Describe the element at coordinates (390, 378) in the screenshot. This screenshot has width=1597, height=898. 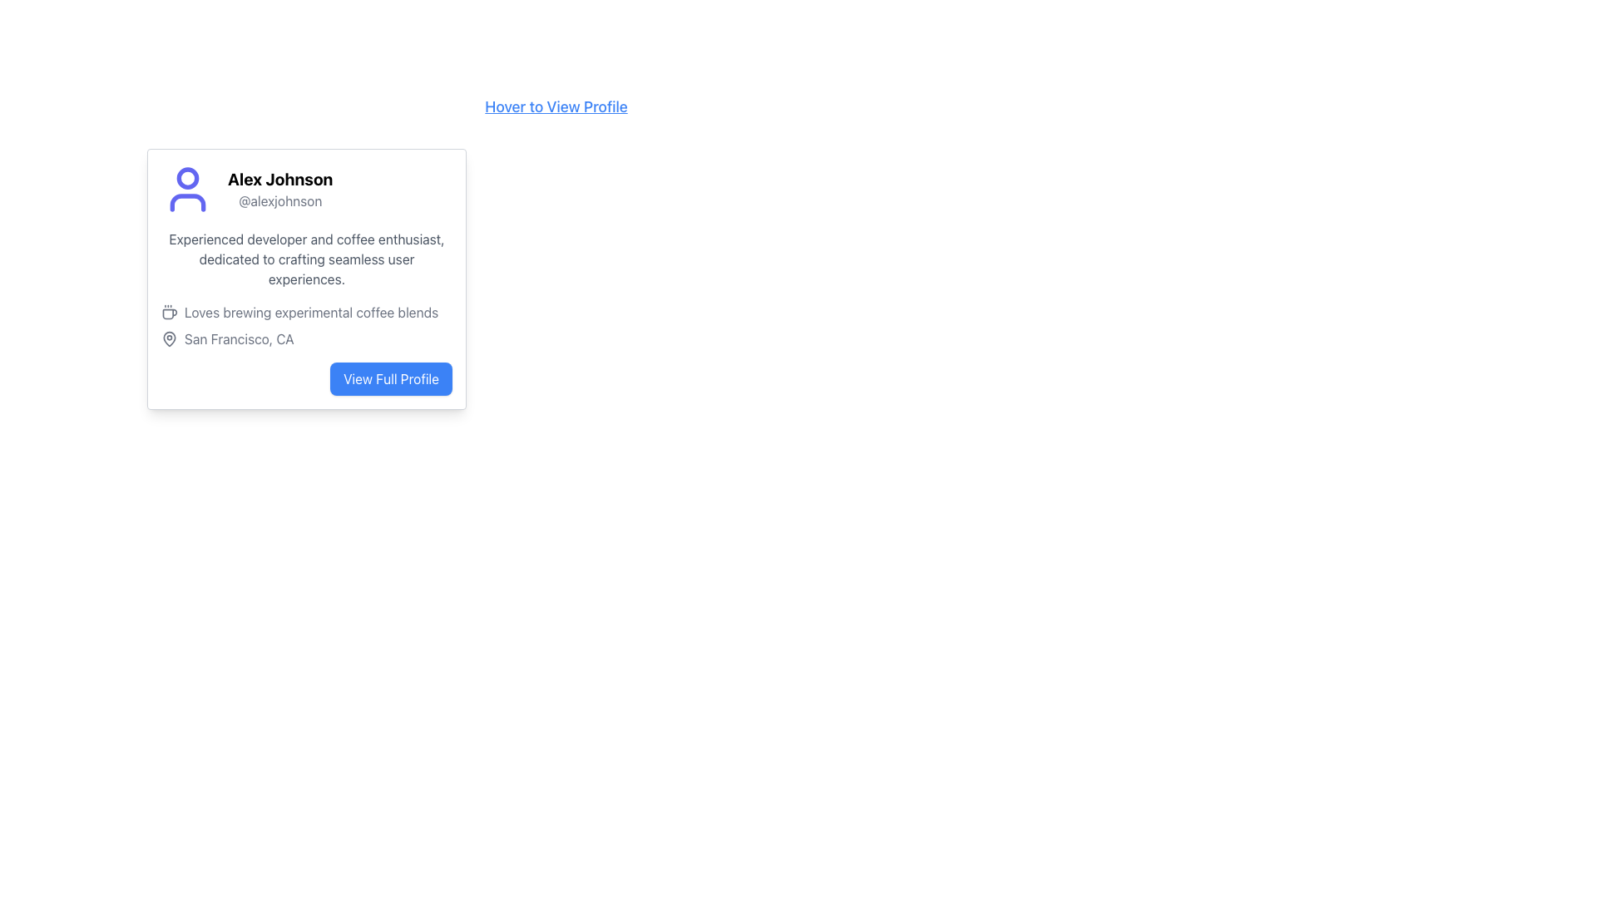
I see `the button located at the bottom-right of the profile card` at that location.